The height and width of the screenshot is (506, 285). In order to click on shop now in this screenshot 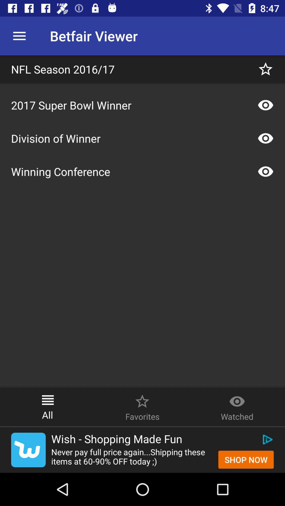, I will do `click(246, 459)`.